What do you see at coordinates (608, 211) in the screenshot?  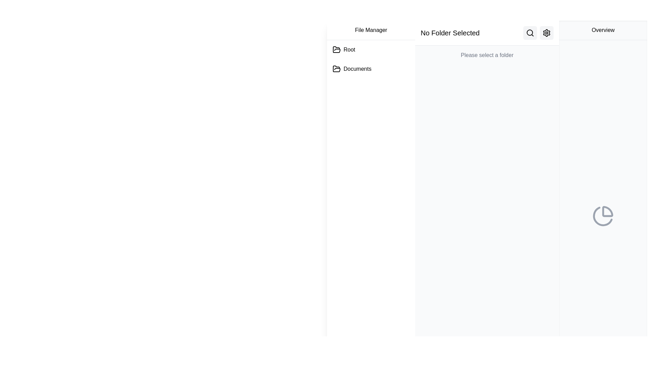 I see `the arc-shaped segment of the pie chart icon located in the top-right corner near the 'Overview' label` at bounding box center [608, 211].